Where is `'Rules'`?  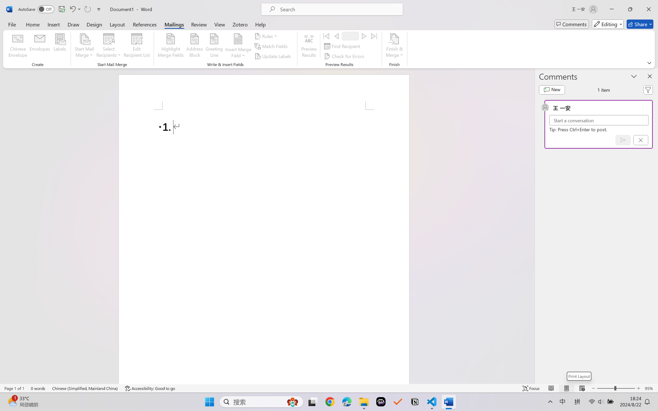
'Rules' is located at coordinates (266, 36).